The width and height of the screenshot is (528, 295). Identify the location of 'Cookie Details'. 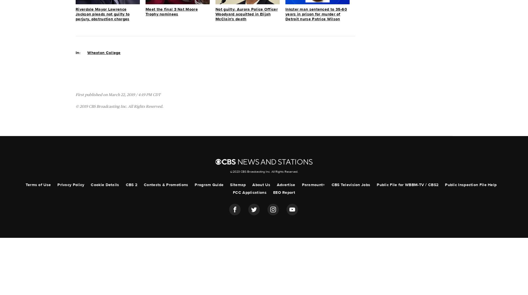
(90, 184).